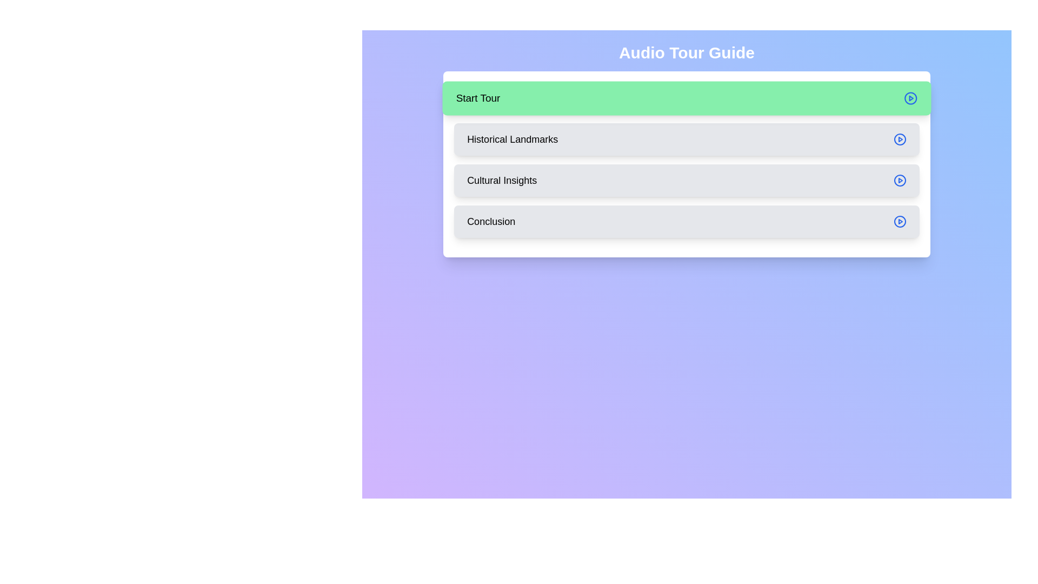 This screenshot has height=584, width=1038. I want to click on the play button associated with the Historical Landmarks step to play its audio, so click(900, 139).